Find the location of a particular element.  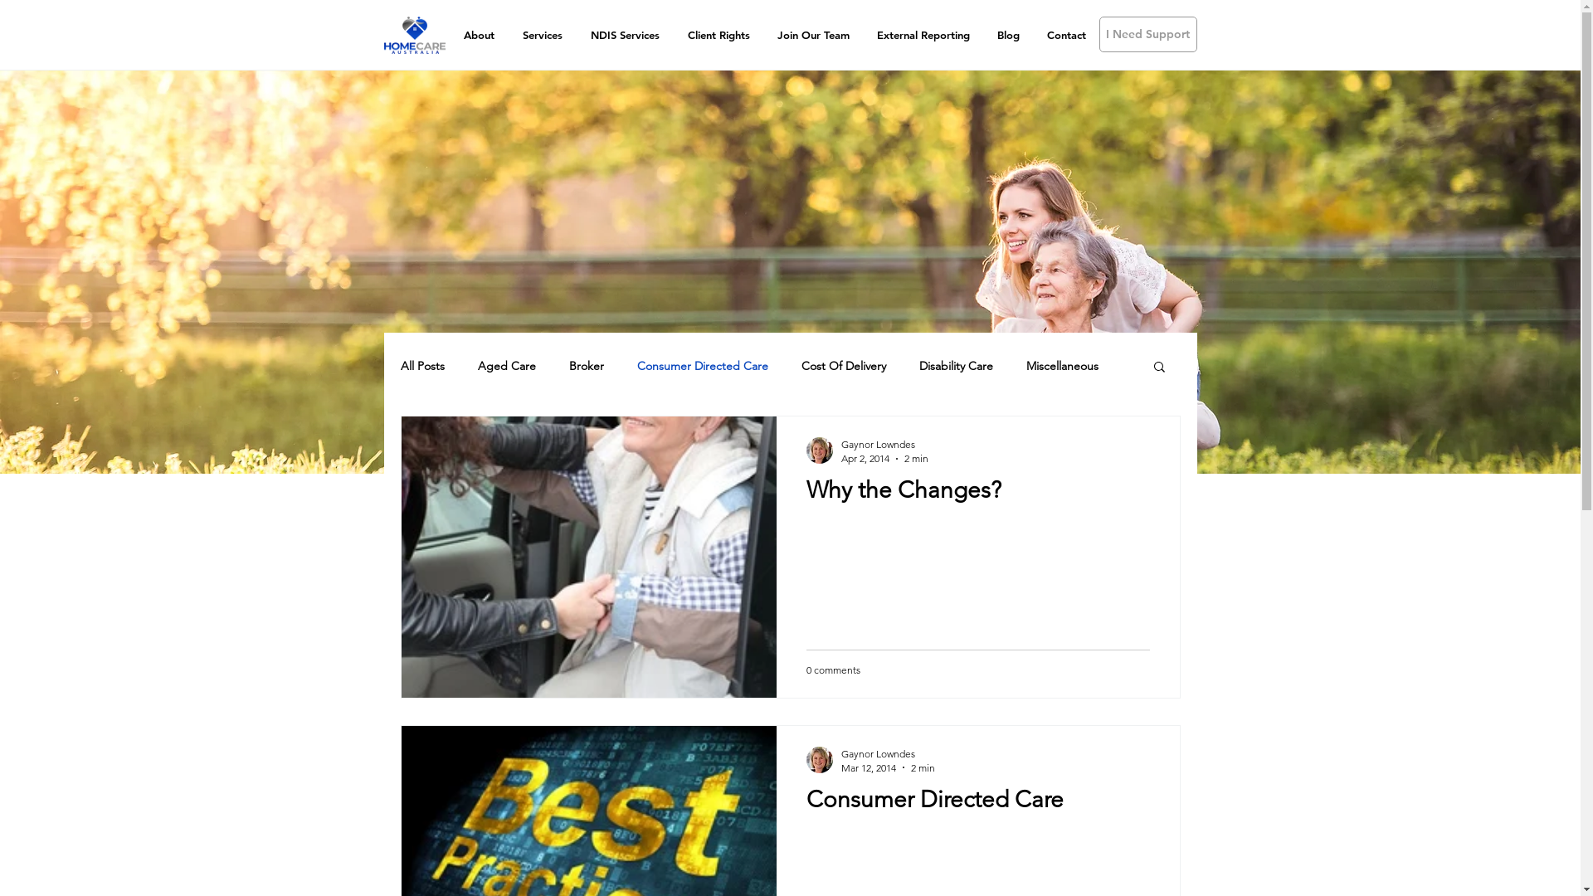

'About' is located at coordinates (478, 35).